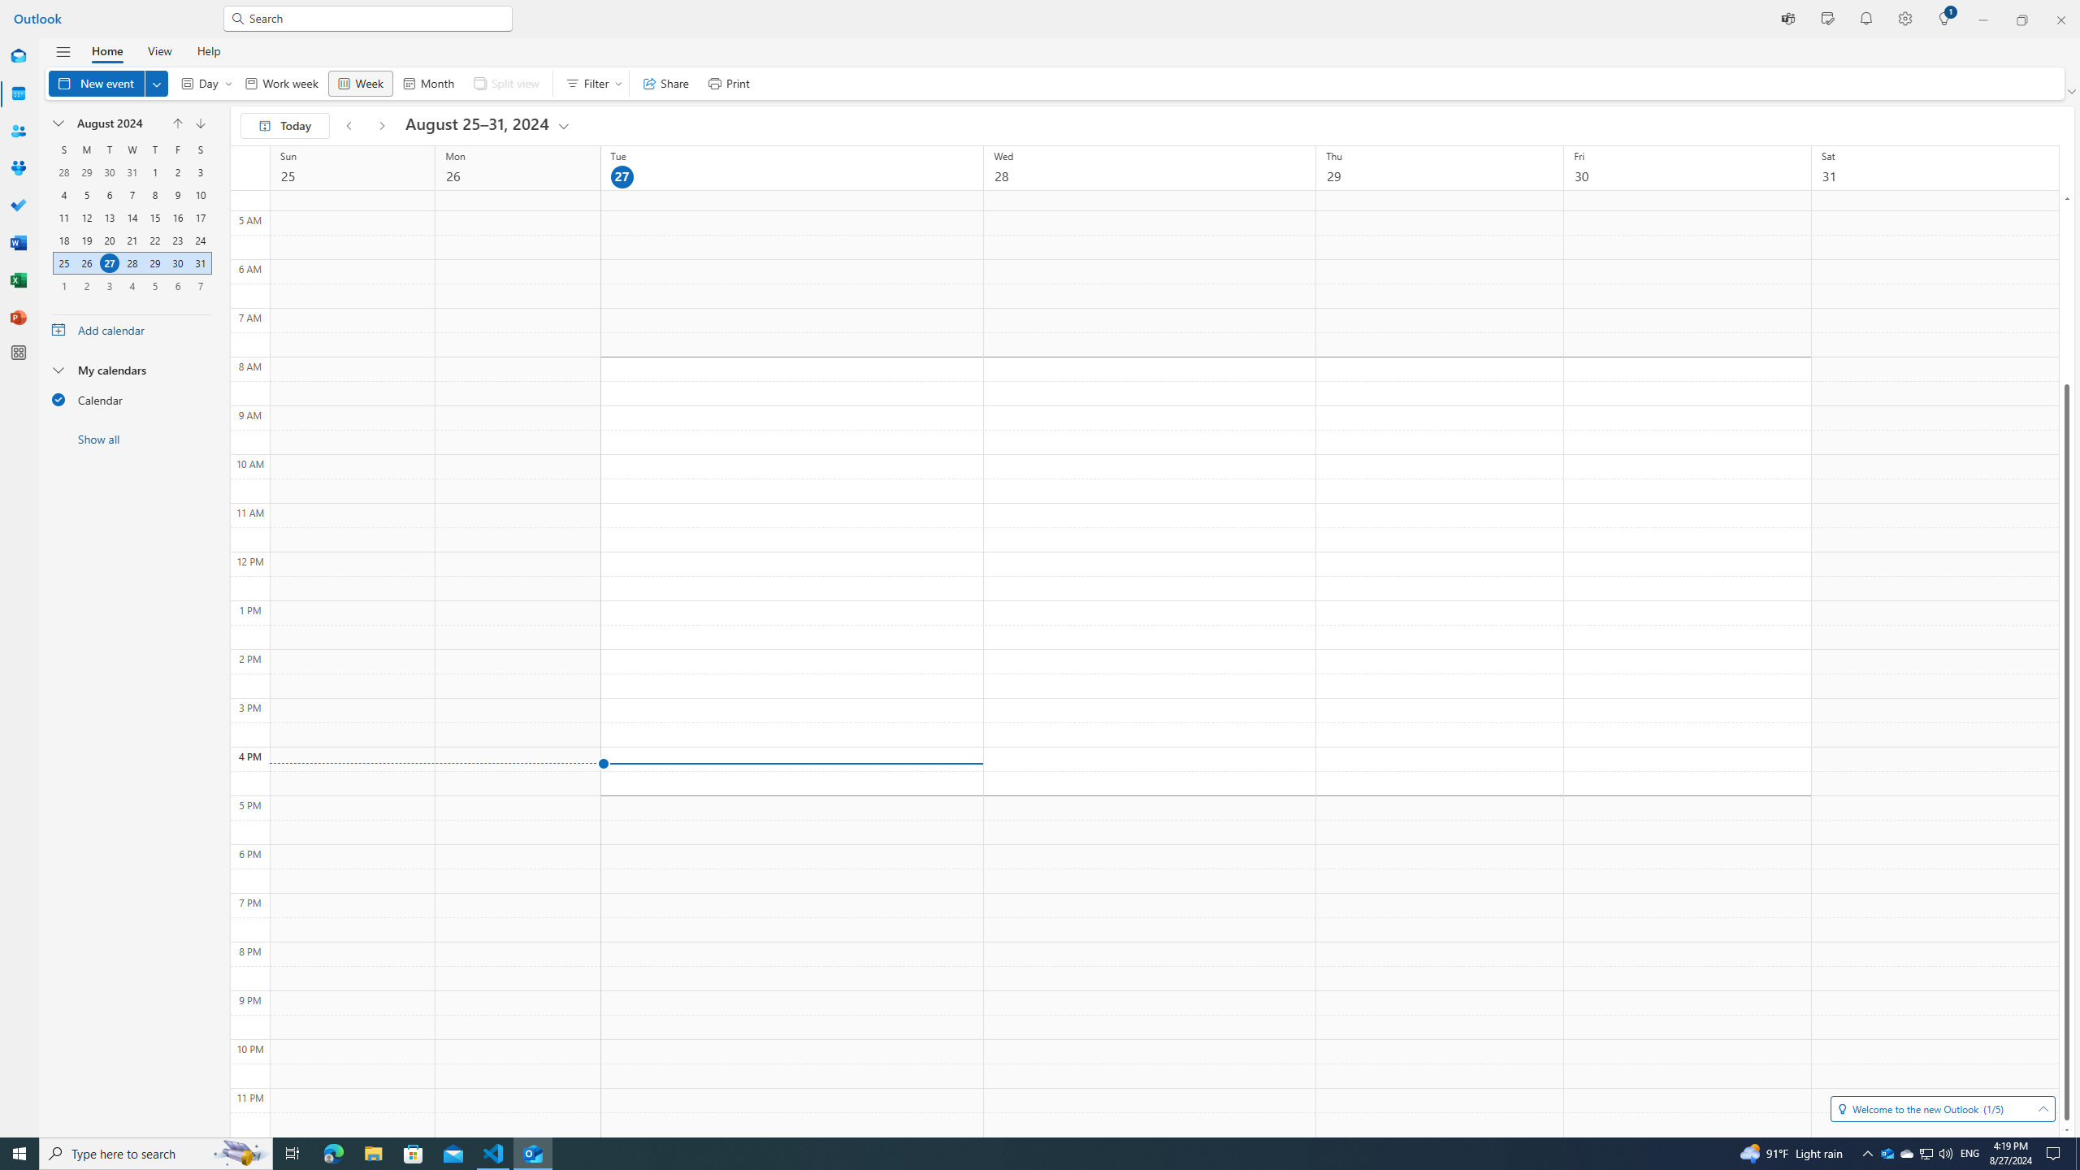 The width and height of the screenshot is (2080, 1170). Describe the element at coordinates (154, 217) in the screenshot. I see `'15, August, 2024'` at that location.